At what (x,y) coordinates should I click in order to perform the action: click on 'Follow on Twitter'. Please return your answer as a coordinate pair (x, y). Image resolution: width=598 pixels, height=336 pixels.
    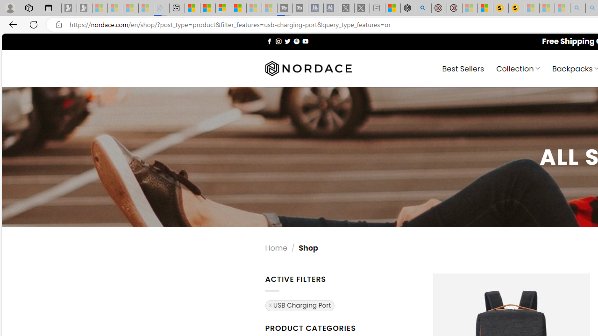
    Looking at the image, I should click on (287, 41).